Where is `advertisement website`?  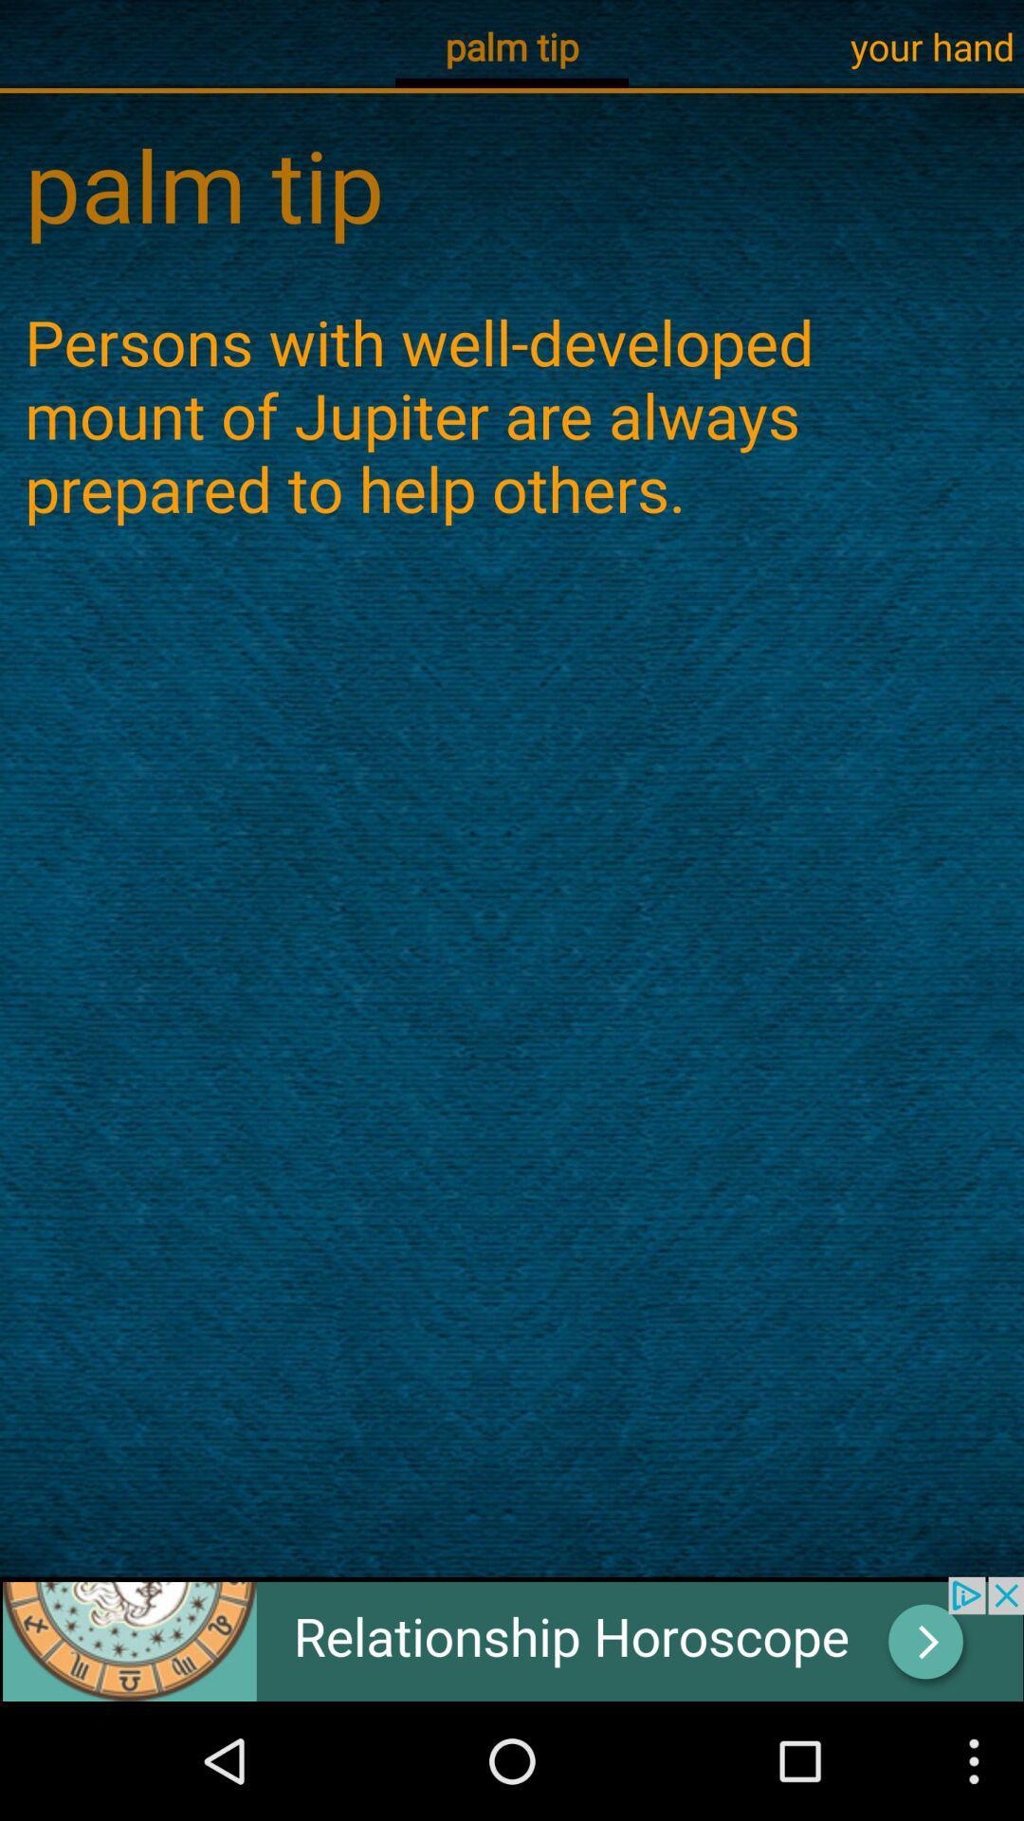 advertisement website is located at coordinates (512, 1638).